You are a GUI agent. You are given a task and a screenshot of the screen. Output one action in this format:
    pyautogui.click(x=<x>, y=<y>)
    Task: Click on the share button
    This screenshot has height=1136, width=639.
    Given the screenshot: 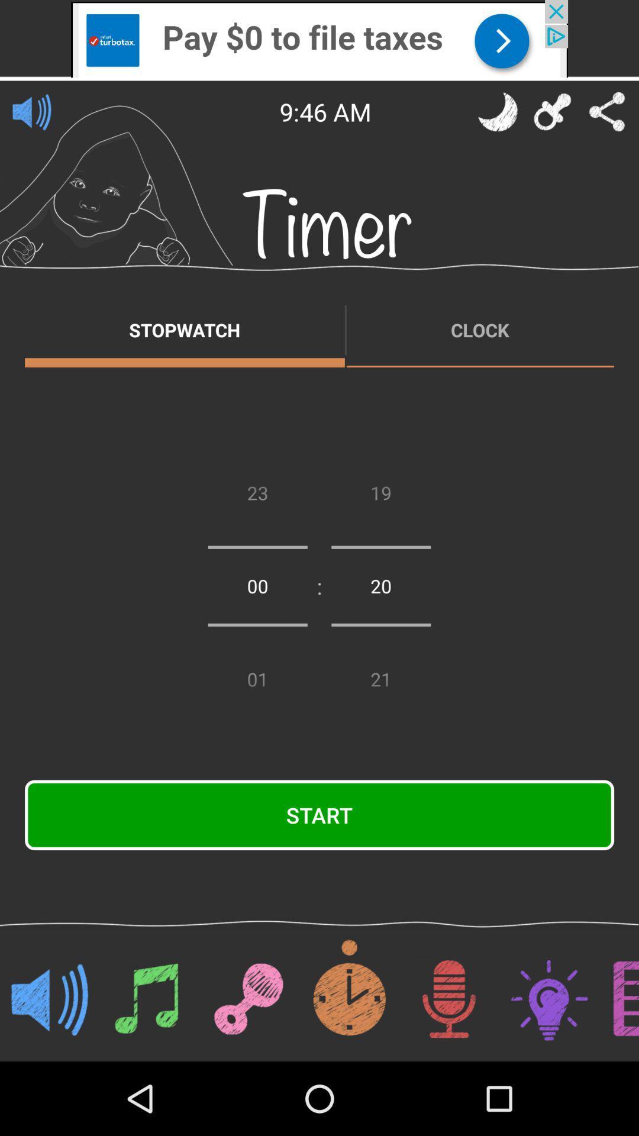 What is the action you would take?
    pyautogui.click(x=607, y=111)
    